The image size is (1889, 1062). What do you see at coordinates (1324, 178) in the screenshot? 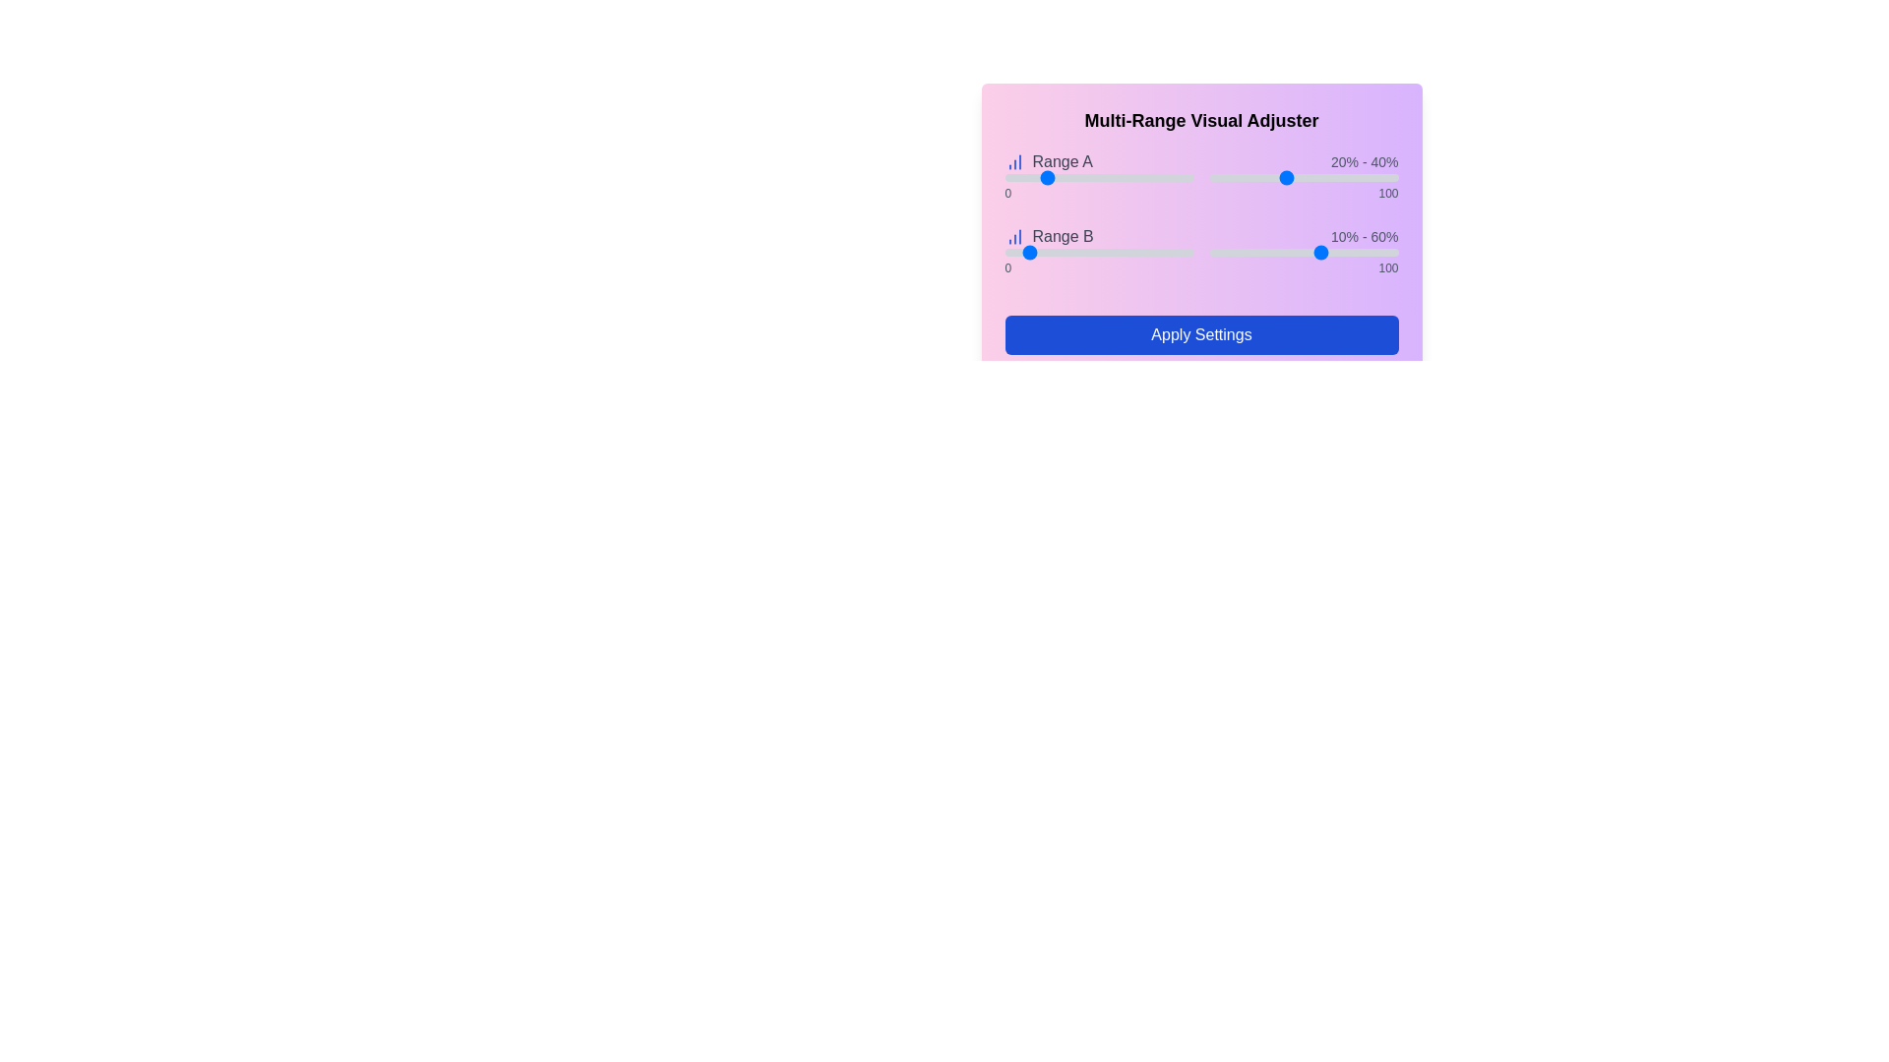
I see `the slider` at bounding box center [1324, 178].